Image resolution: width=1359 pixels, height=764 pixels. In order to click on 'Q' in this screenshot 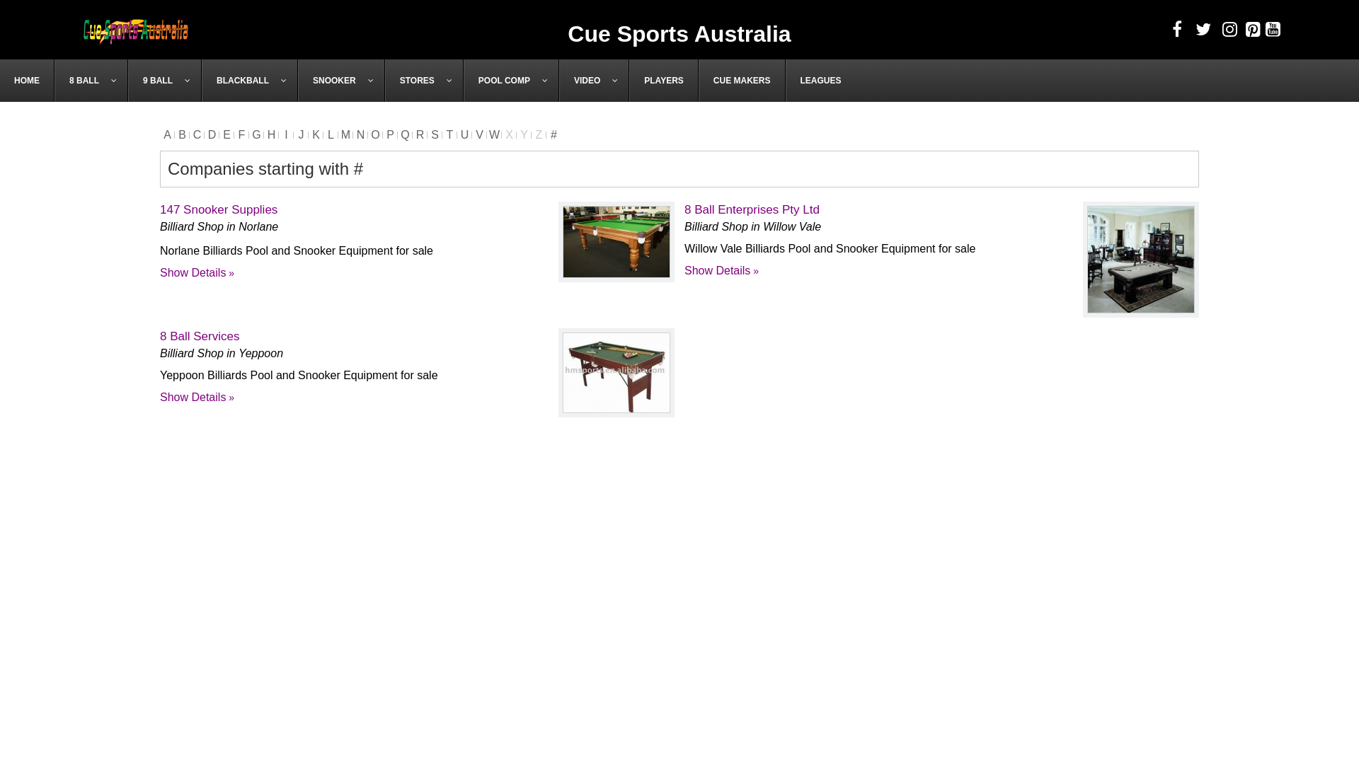, I will do `click(404, 134)`.